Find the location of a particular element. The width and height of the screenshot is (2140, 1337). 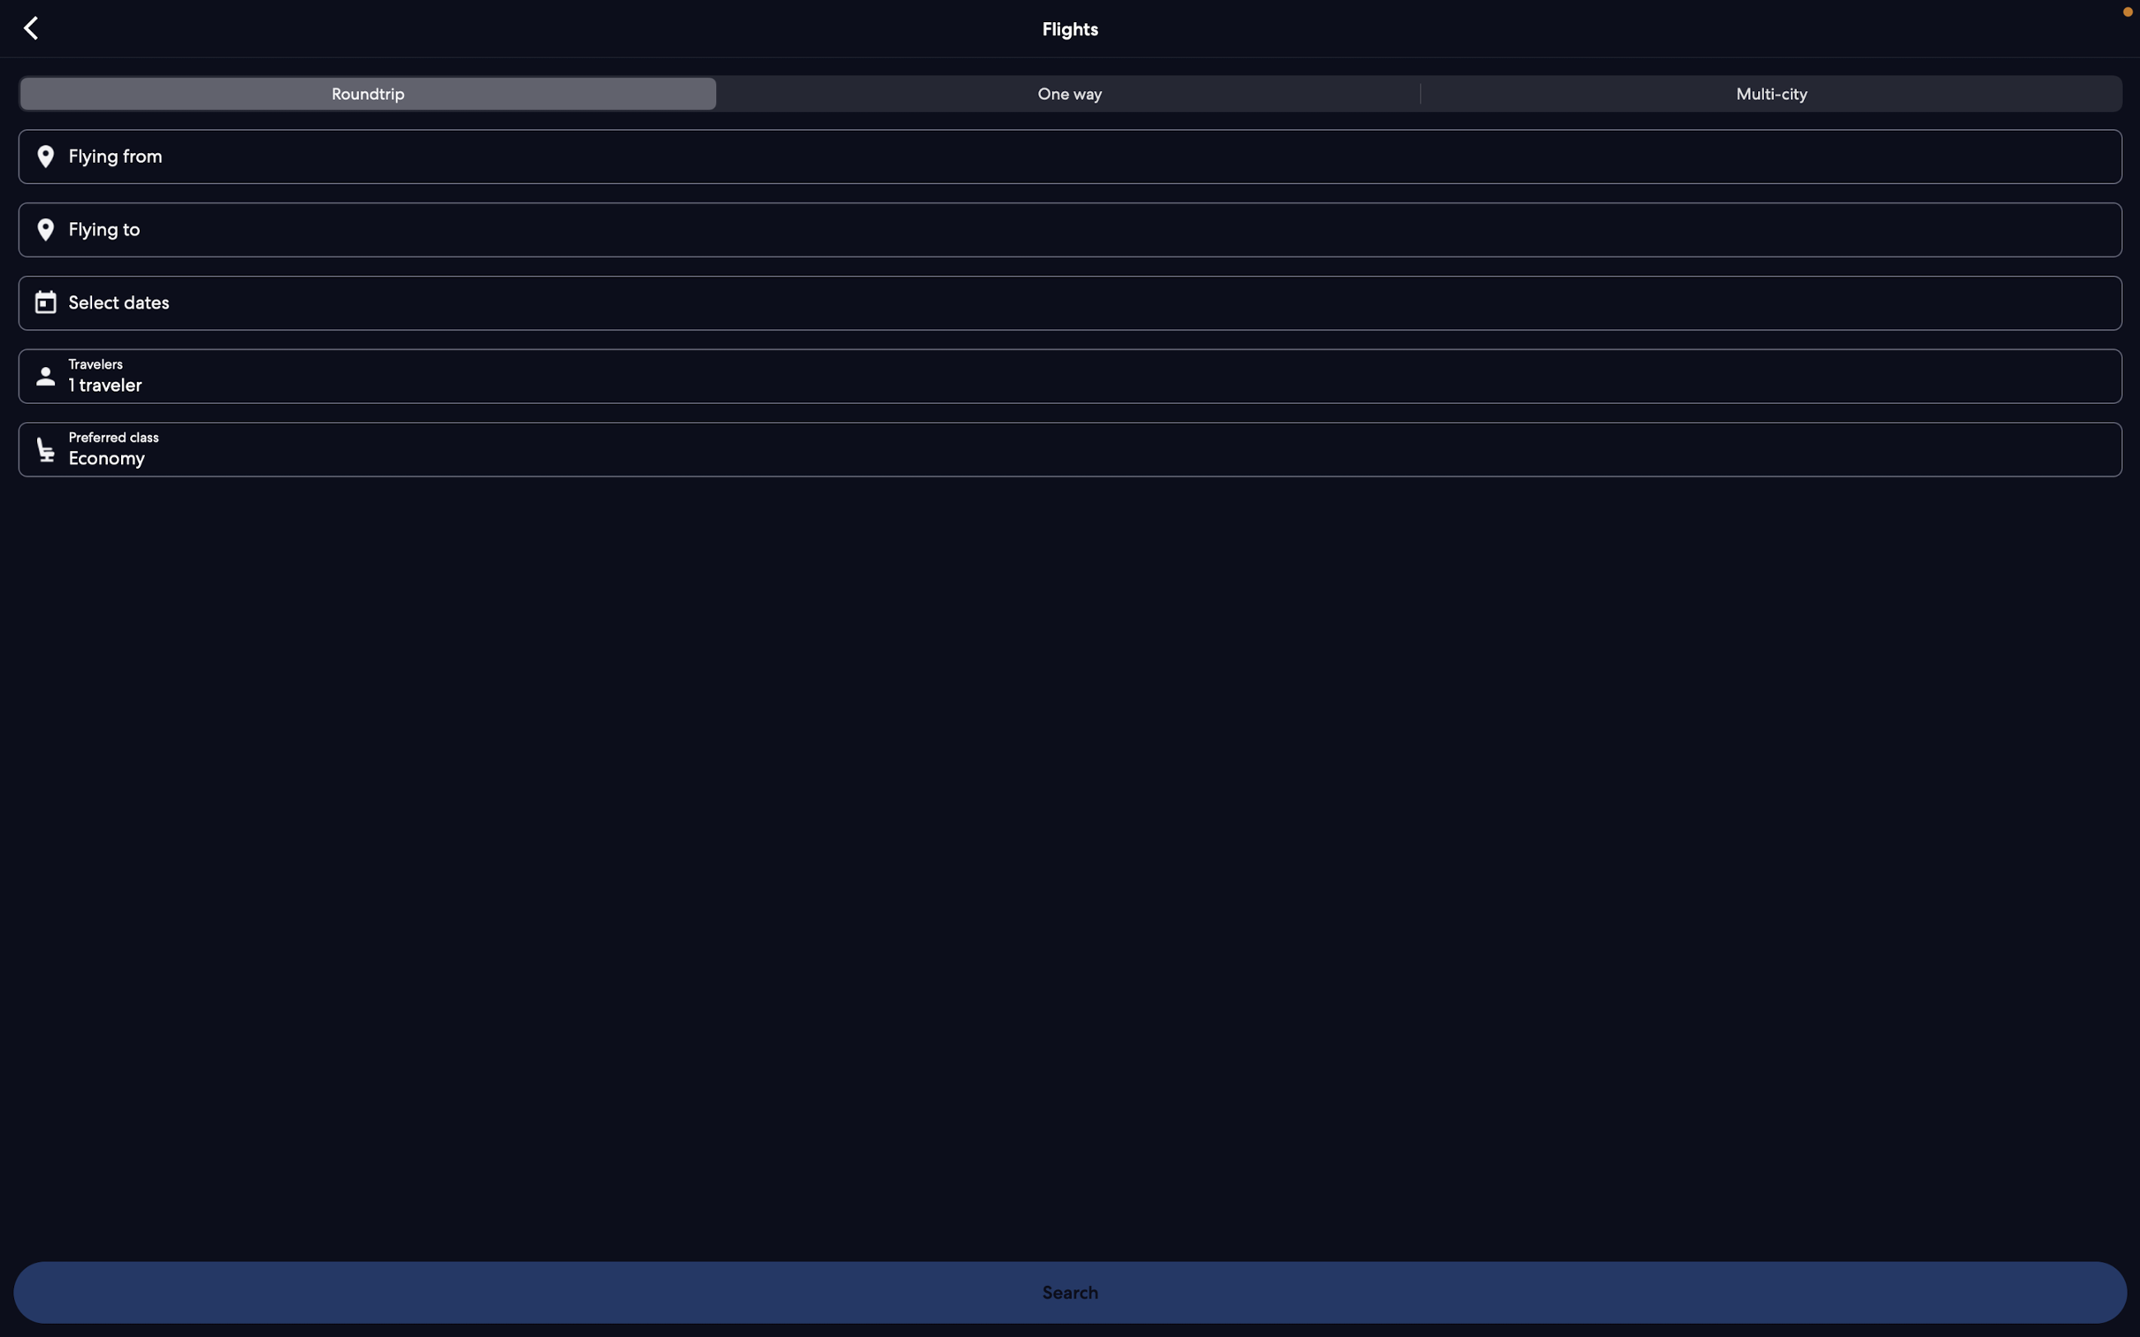

tab for roundtrip flights is located at coordinates (370, 95).